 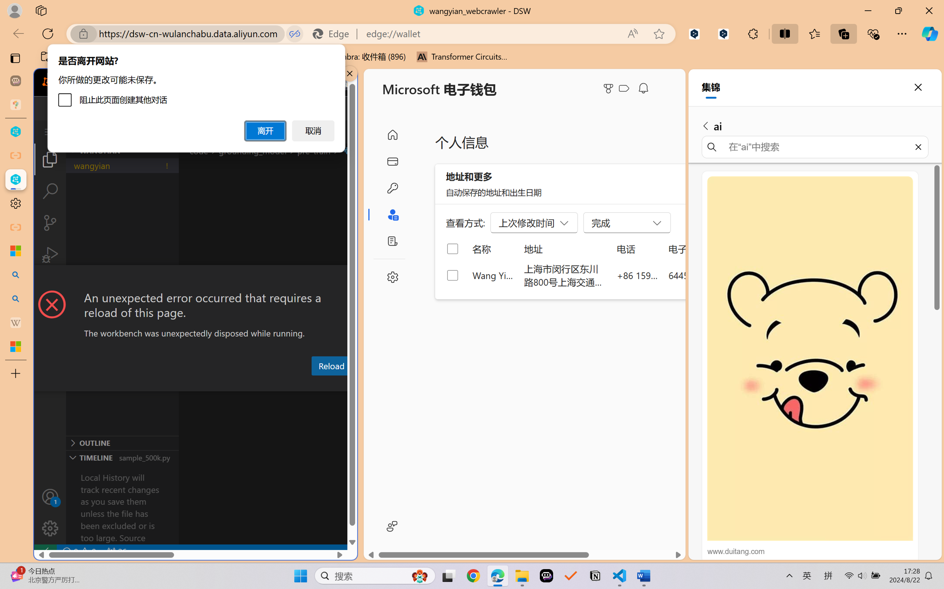 What do you see at coordinates (625, 88) in the screenshot?
I see `'Microsoft Cashback'` at bounding box center [625, 88].